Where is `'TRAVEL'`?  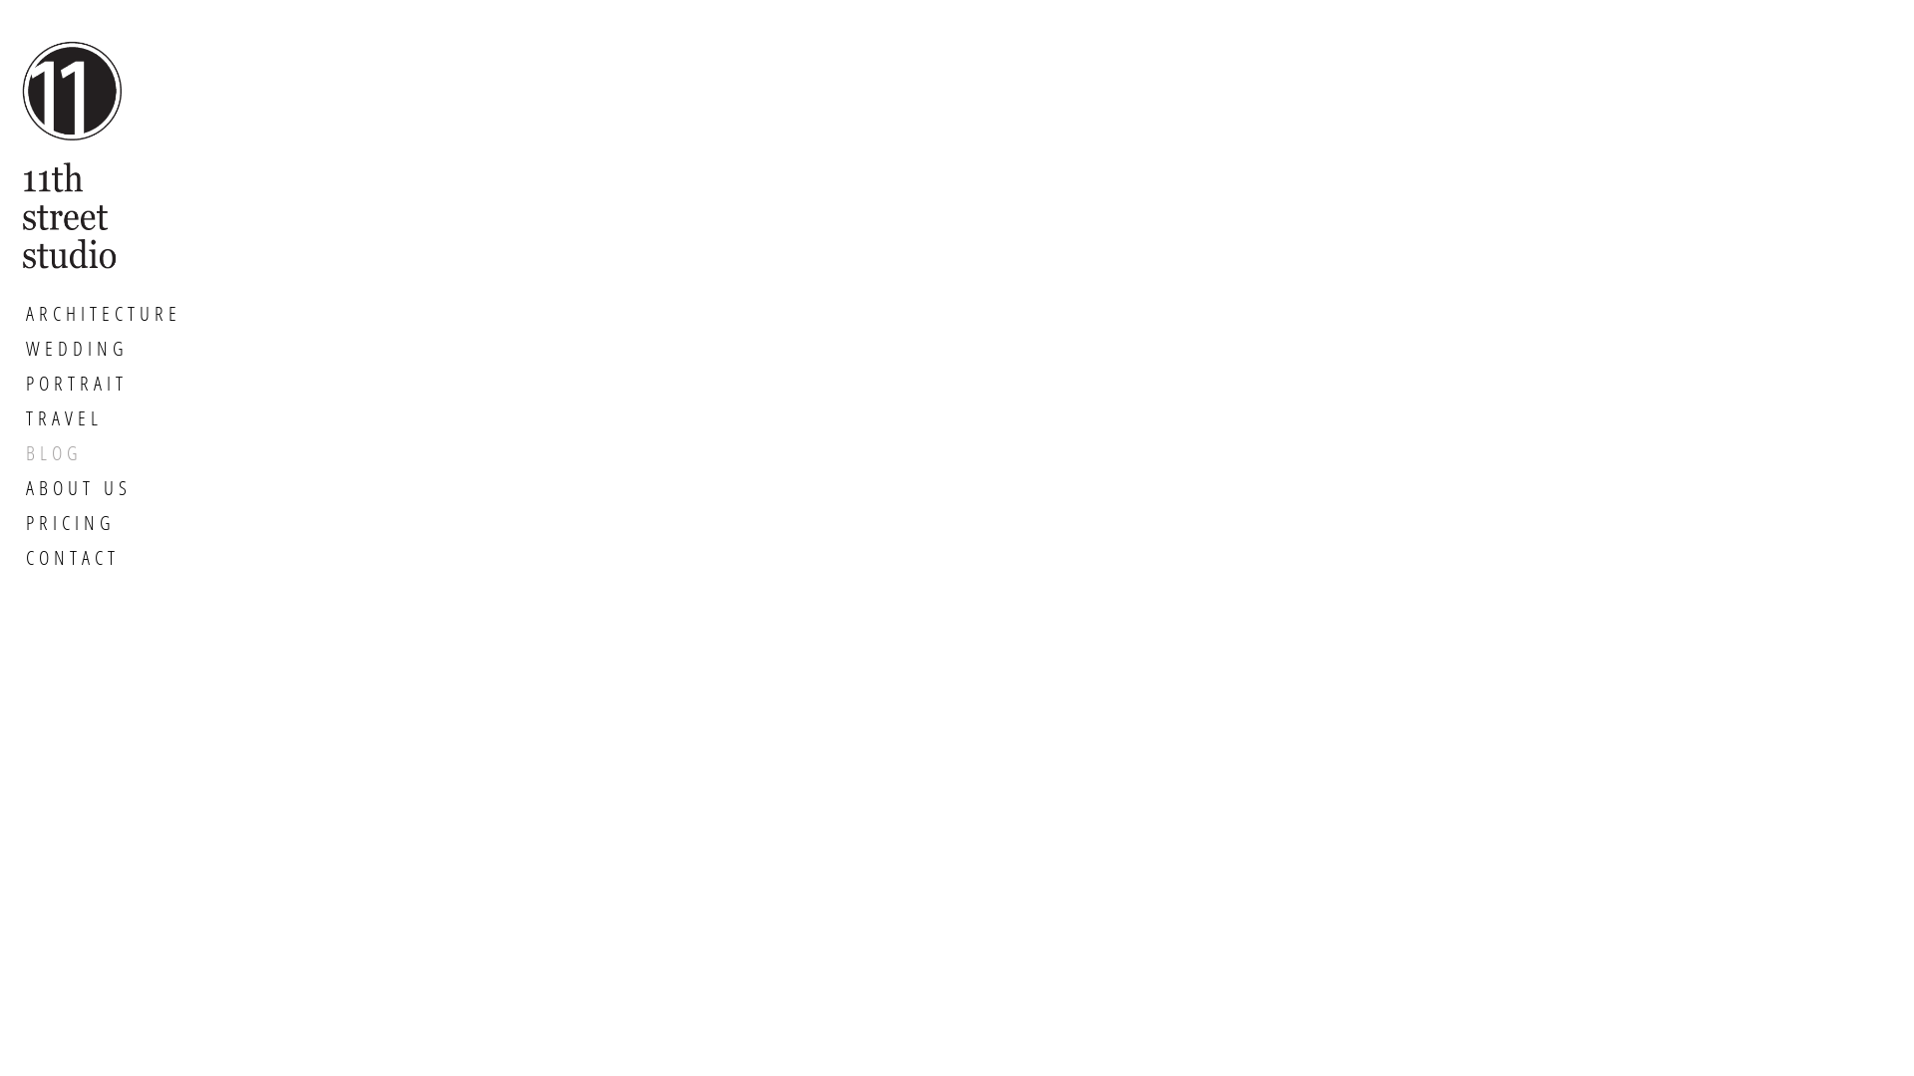 'TRAVEL' is located at coordinates (103, 417).